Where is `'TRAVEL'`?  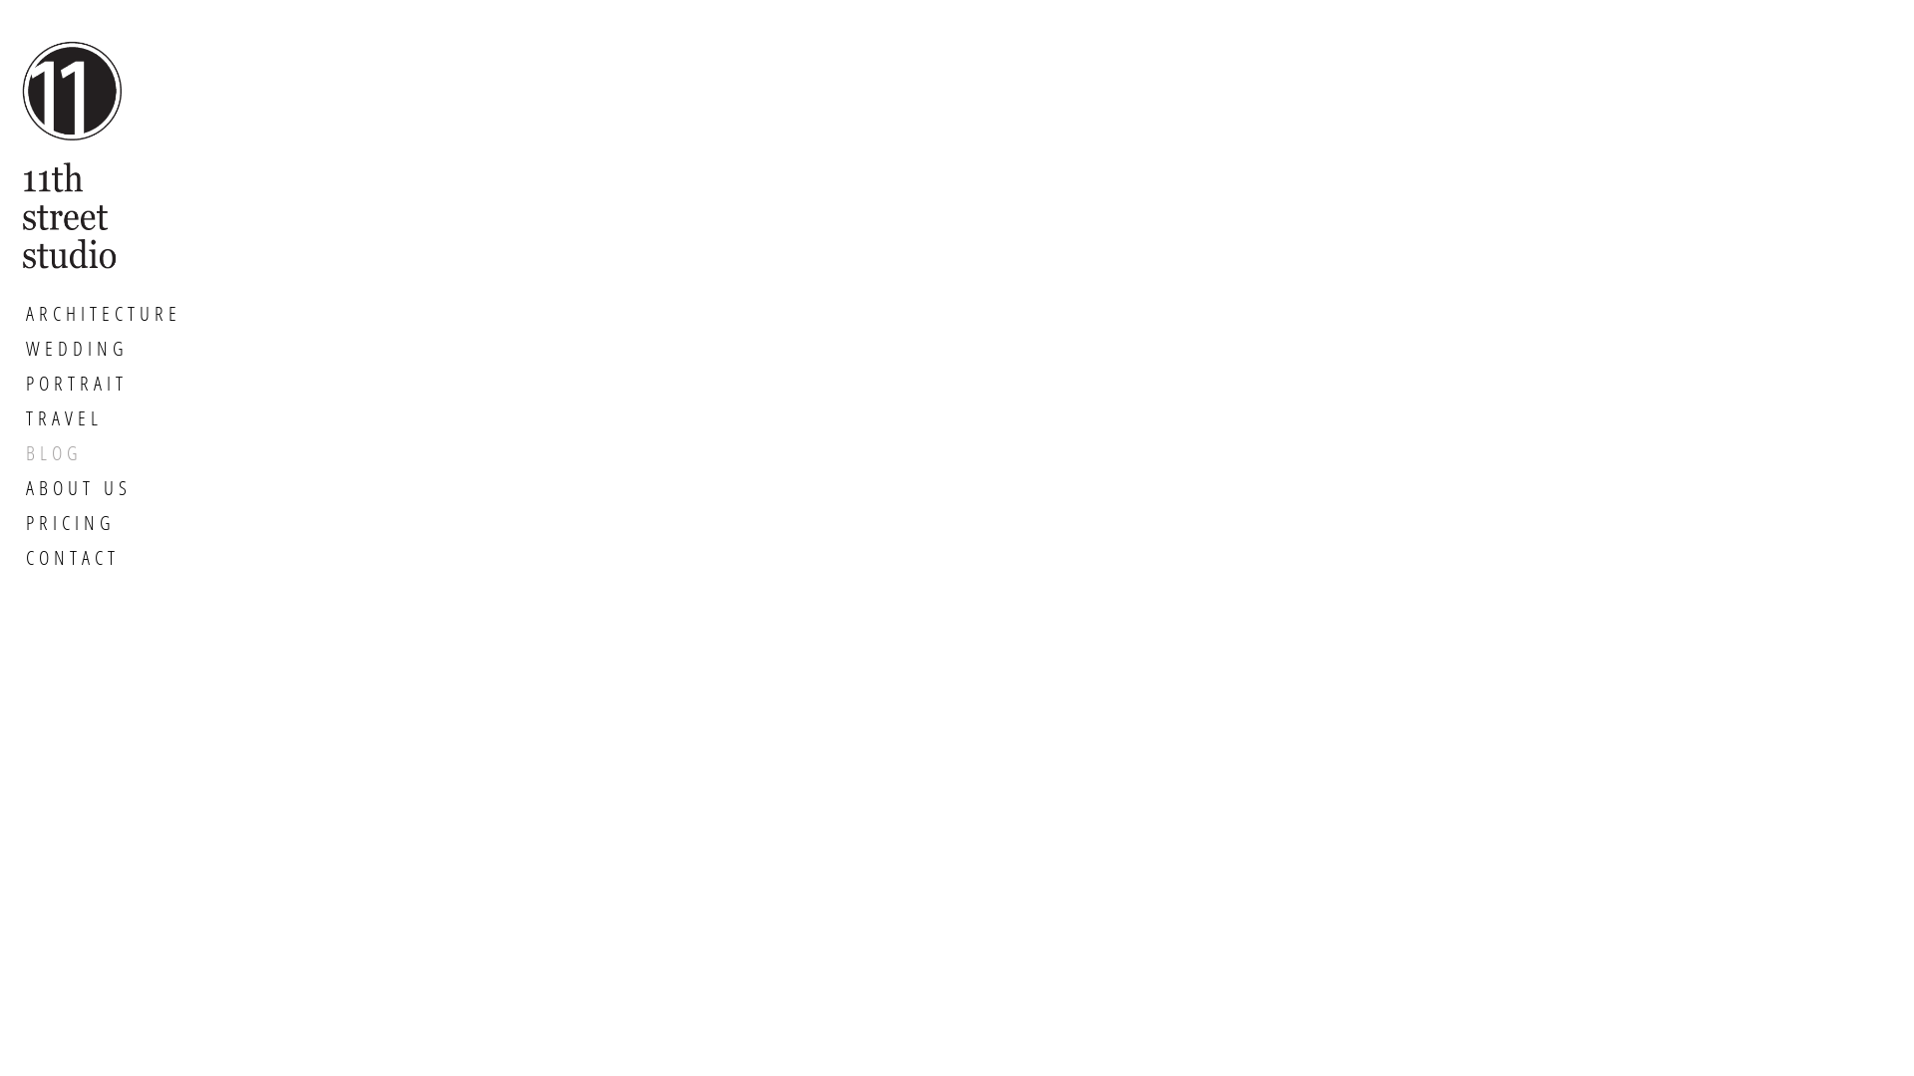 'TRAVEL' is located at coordinates (103, 417).